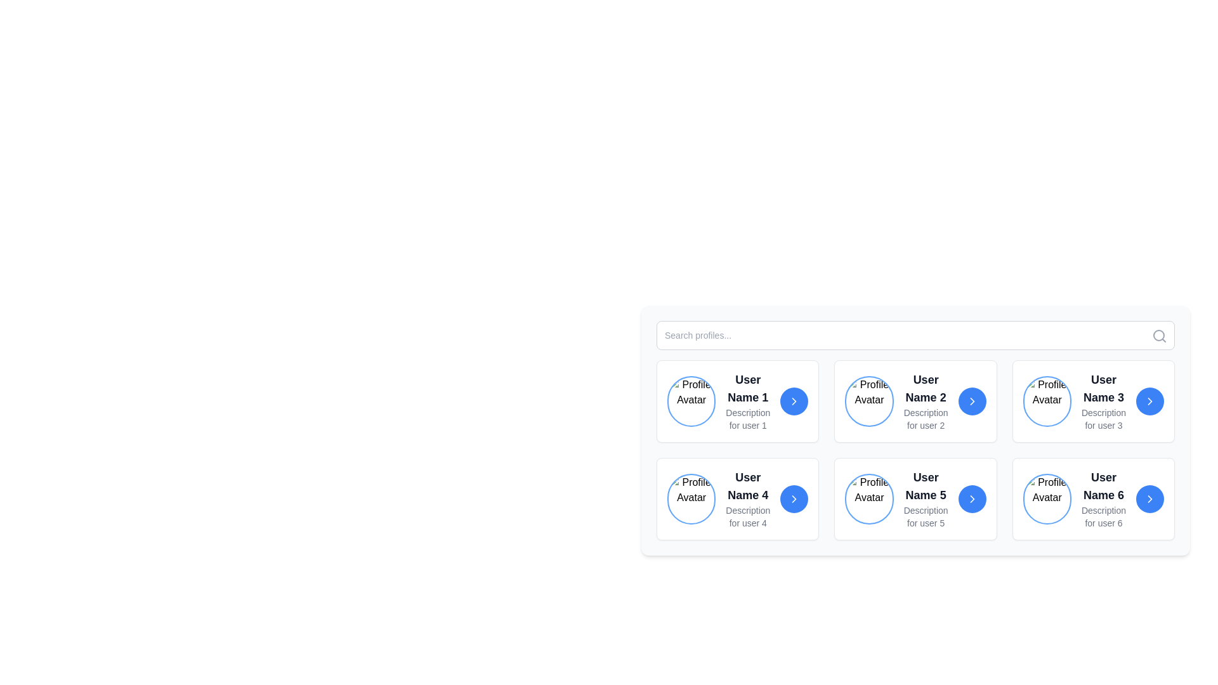  I want to click on the circular profile avatar image with a blue border located in the first row, third column of the user profile card, adjacent to 'User Name 3' and 'Description for user 3', so click(1047, 401).